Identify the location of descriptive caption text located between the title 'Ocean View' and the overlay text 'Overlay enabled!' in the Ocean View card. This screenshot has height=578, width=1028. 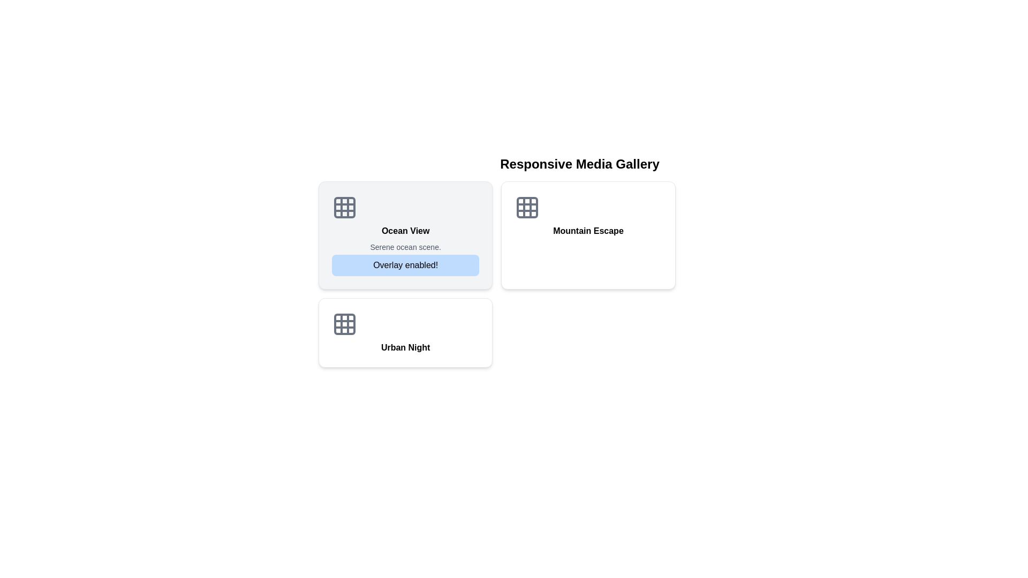
(405, 247).